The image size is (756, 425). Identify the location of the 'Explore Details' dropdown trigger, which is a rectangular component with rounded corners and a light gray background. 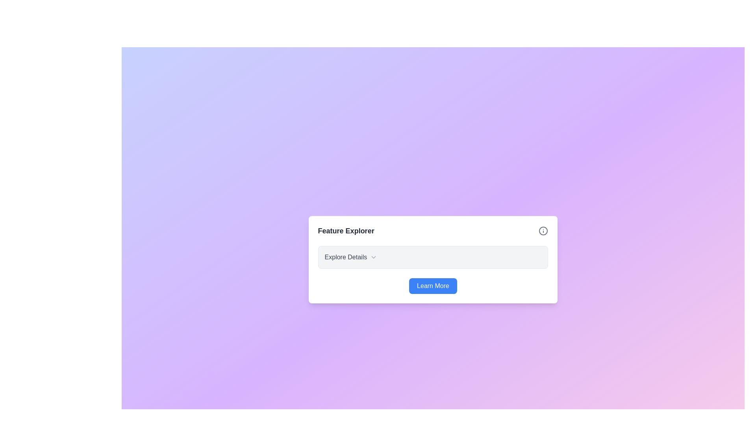
(432, 257).